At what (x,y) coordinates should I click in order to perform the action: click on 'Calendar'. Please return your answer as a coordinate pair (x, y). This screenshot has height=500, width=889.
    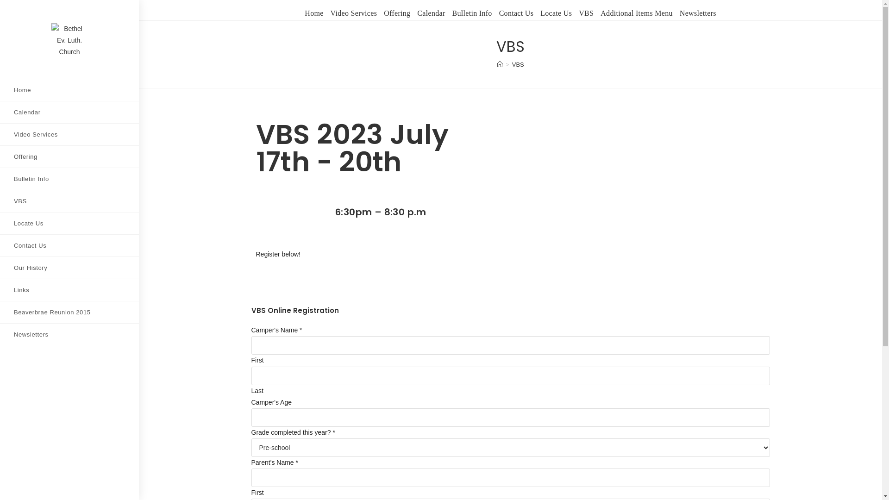
    Looking at the image, I should click on (69, 112).